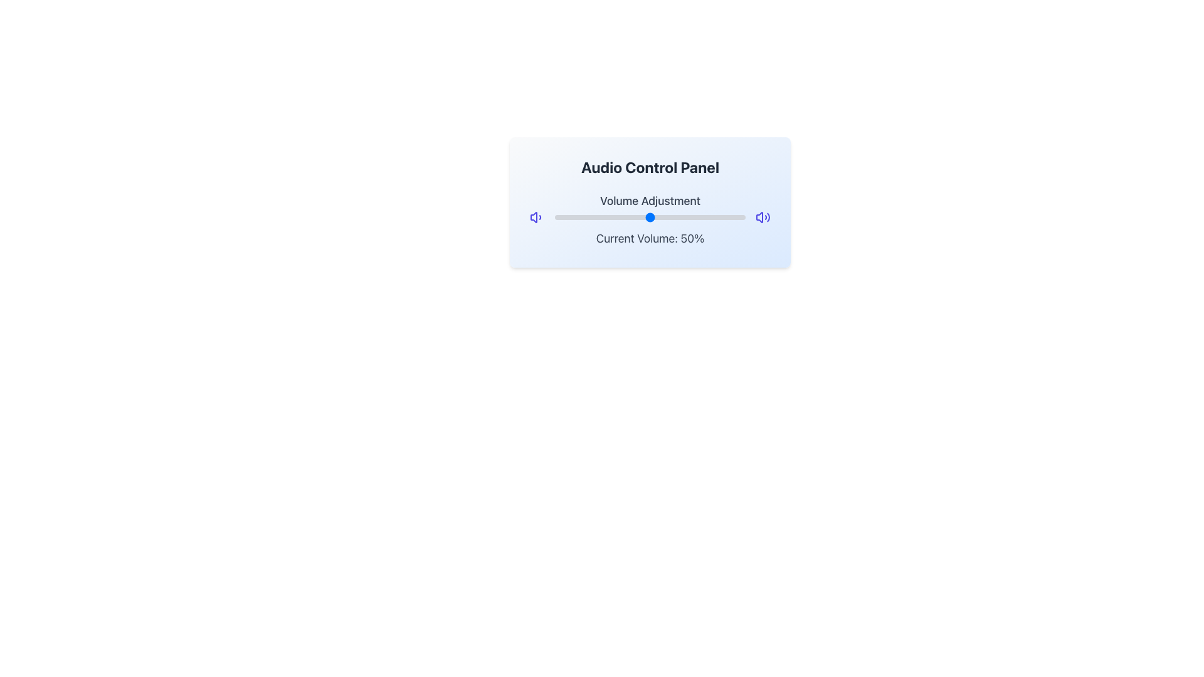 This screenshot has height=677, width=1204. Describe the element at coordinates (629, 217) in the screenshot. I see `the slider` at that location.